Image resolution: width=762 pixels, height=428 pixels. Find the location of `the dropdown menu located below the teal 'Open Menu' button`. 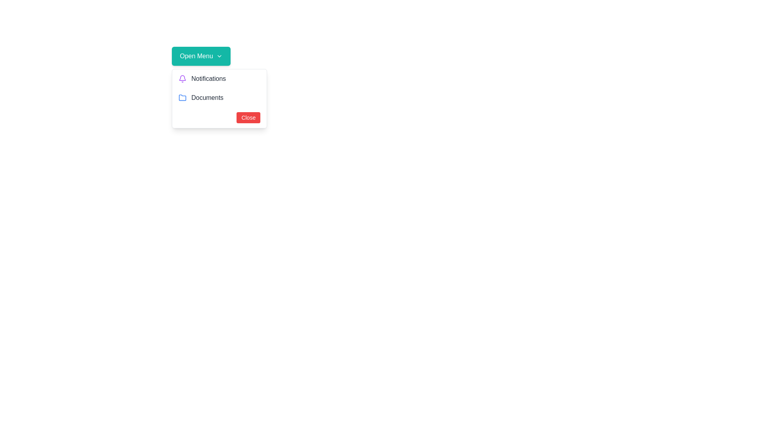

the dropdown menu located below the teal 'Open Menu' button is located at coordinates (219, 98).